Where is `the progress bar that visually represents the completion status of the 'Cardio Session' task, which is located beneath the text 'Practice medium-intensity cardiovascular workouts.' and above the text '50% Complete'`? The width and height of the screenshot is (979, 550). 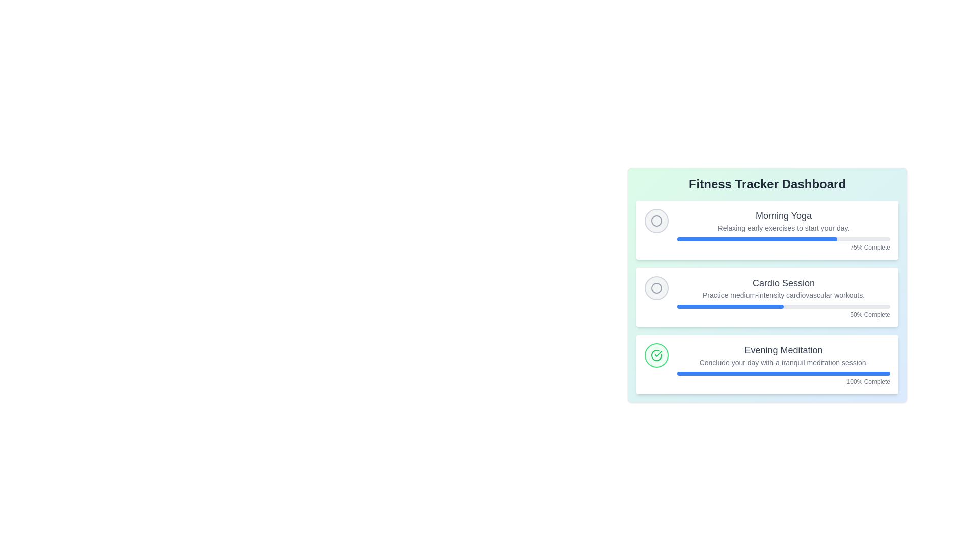 the progress bar that visually represents the completion status of the 'Cardio Session' task, which is located beneath the text 'Practice medium-intensity cardiovascular workouts.' and above the text '50% Complete' is located at coordinates (783, 306).